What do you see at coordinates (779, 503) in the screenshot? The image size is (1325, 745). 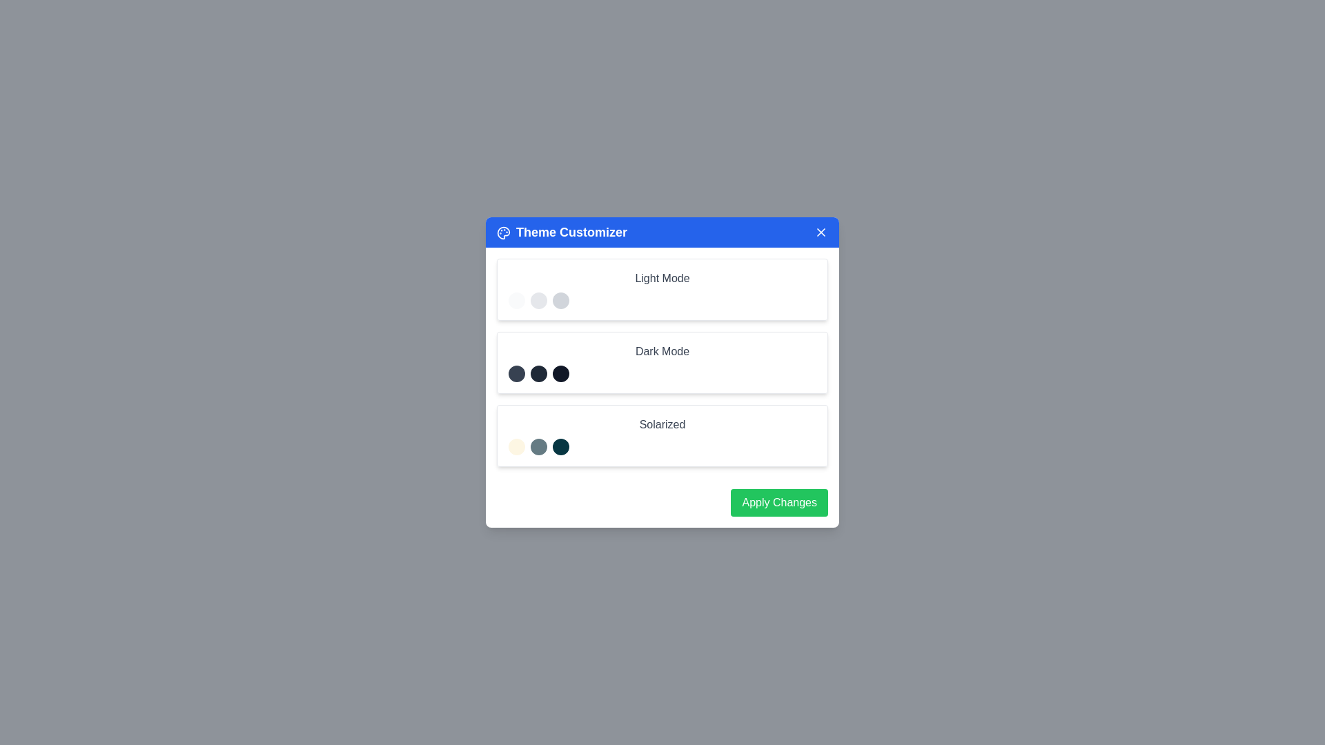 I see `the 'Apply Changes' button to apply the selected theme` at bounding box center [779, 503].